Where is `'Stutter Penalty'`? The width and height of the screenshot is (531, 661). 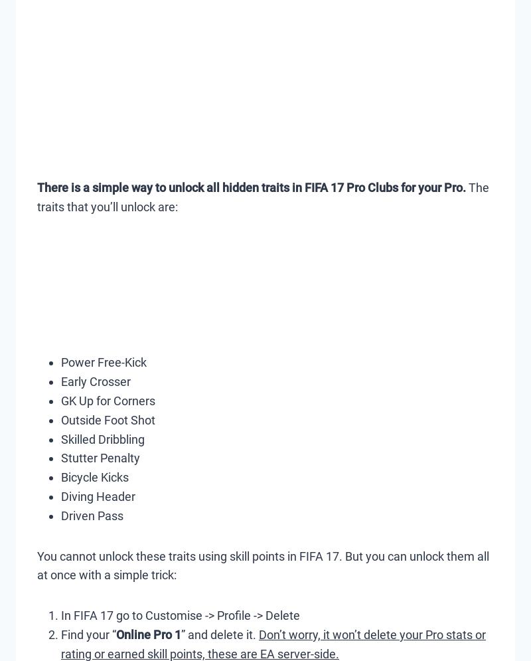
'Stutter Penalty' is located at coordinates (100, 458).